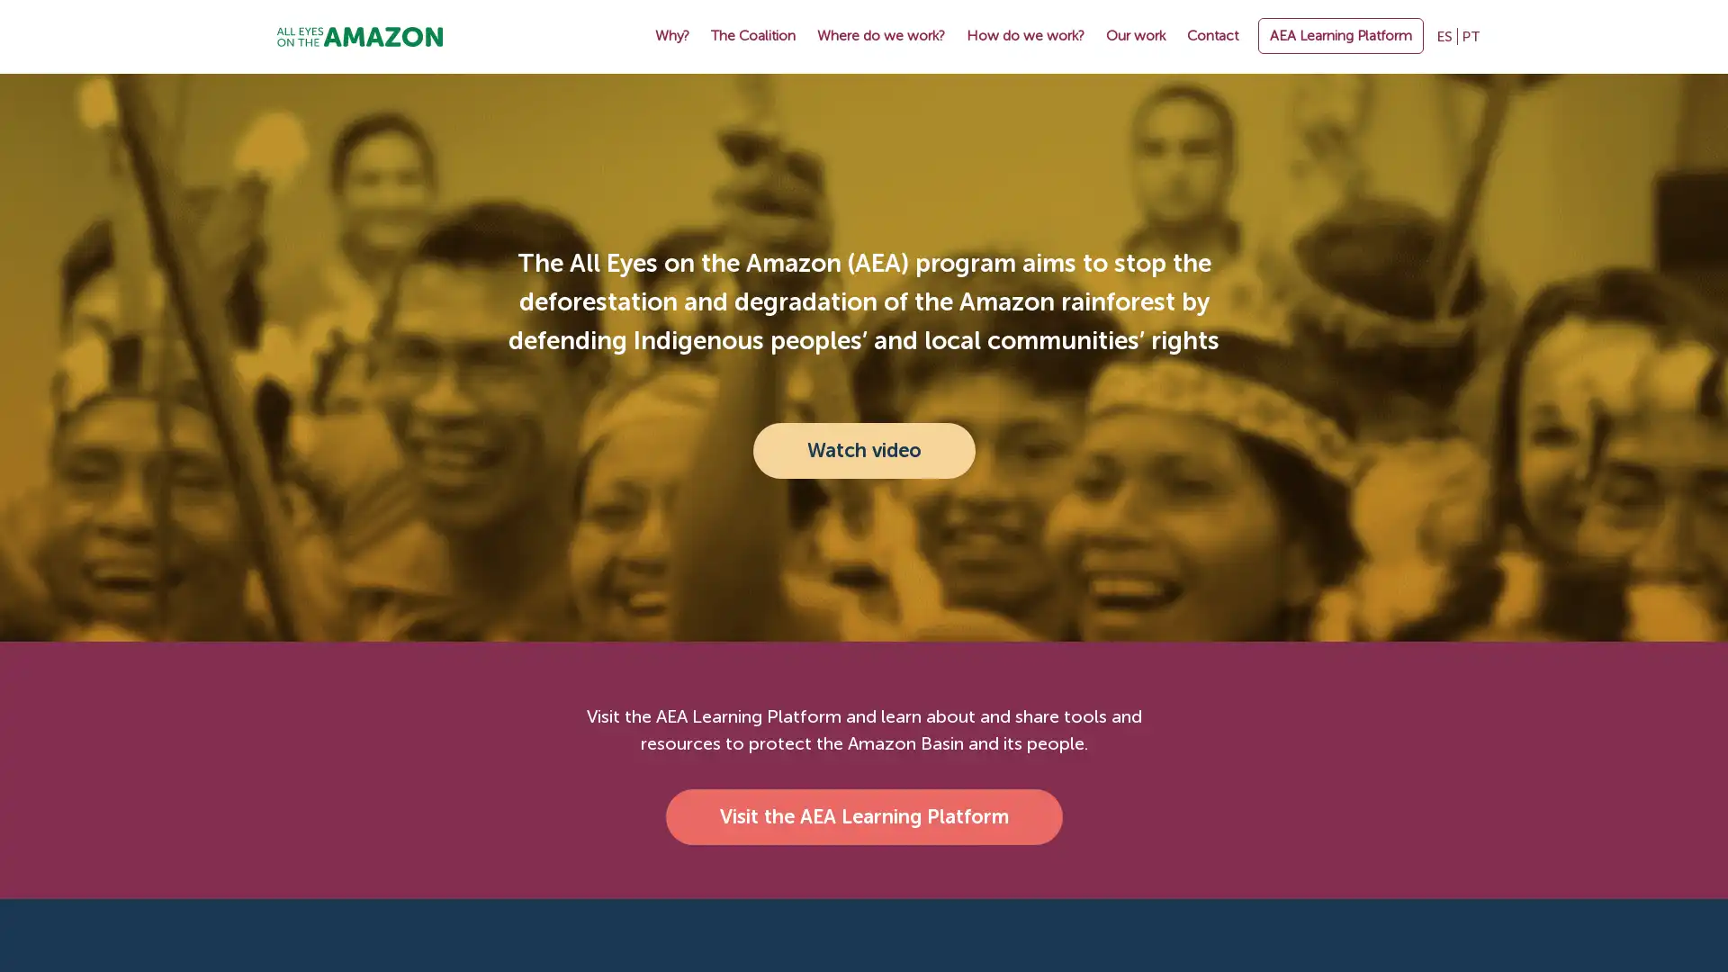  I want to click on Watch video, so click(862, 450).